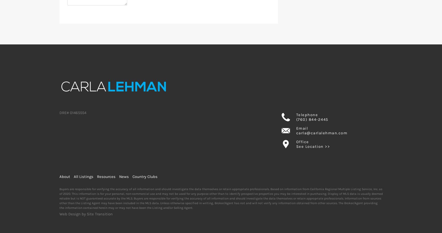  What do you see at coordinates (313, 147) in the screenshot?
I see `'See Location >>'` at bounding box center [313, 147].